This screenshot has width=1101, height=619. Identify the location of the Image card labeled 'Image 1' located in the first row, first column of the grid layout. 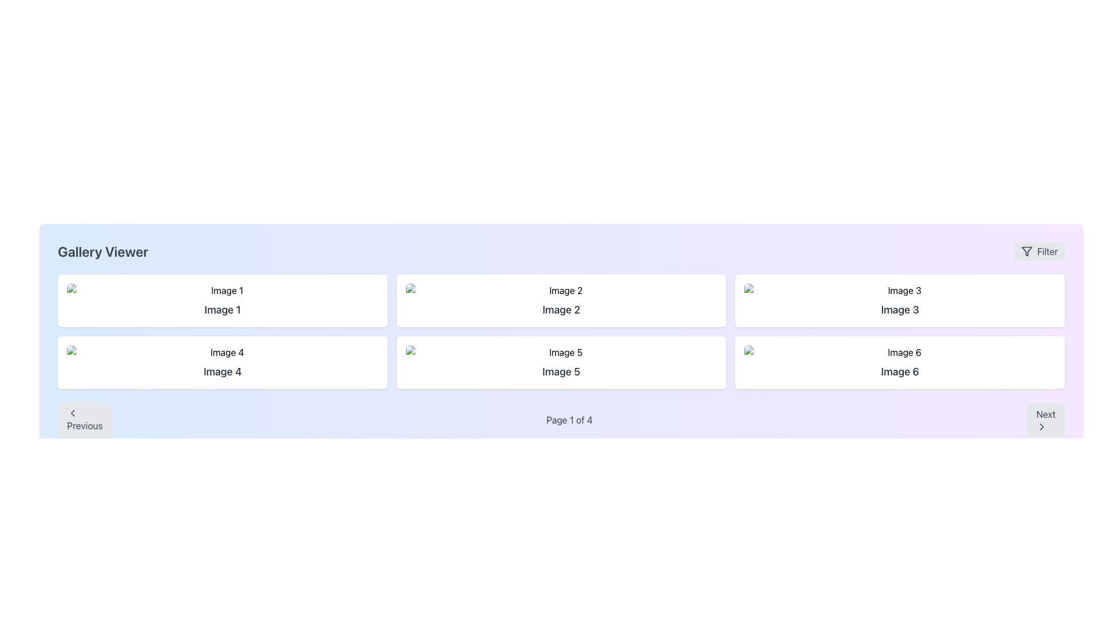
(222, 300).